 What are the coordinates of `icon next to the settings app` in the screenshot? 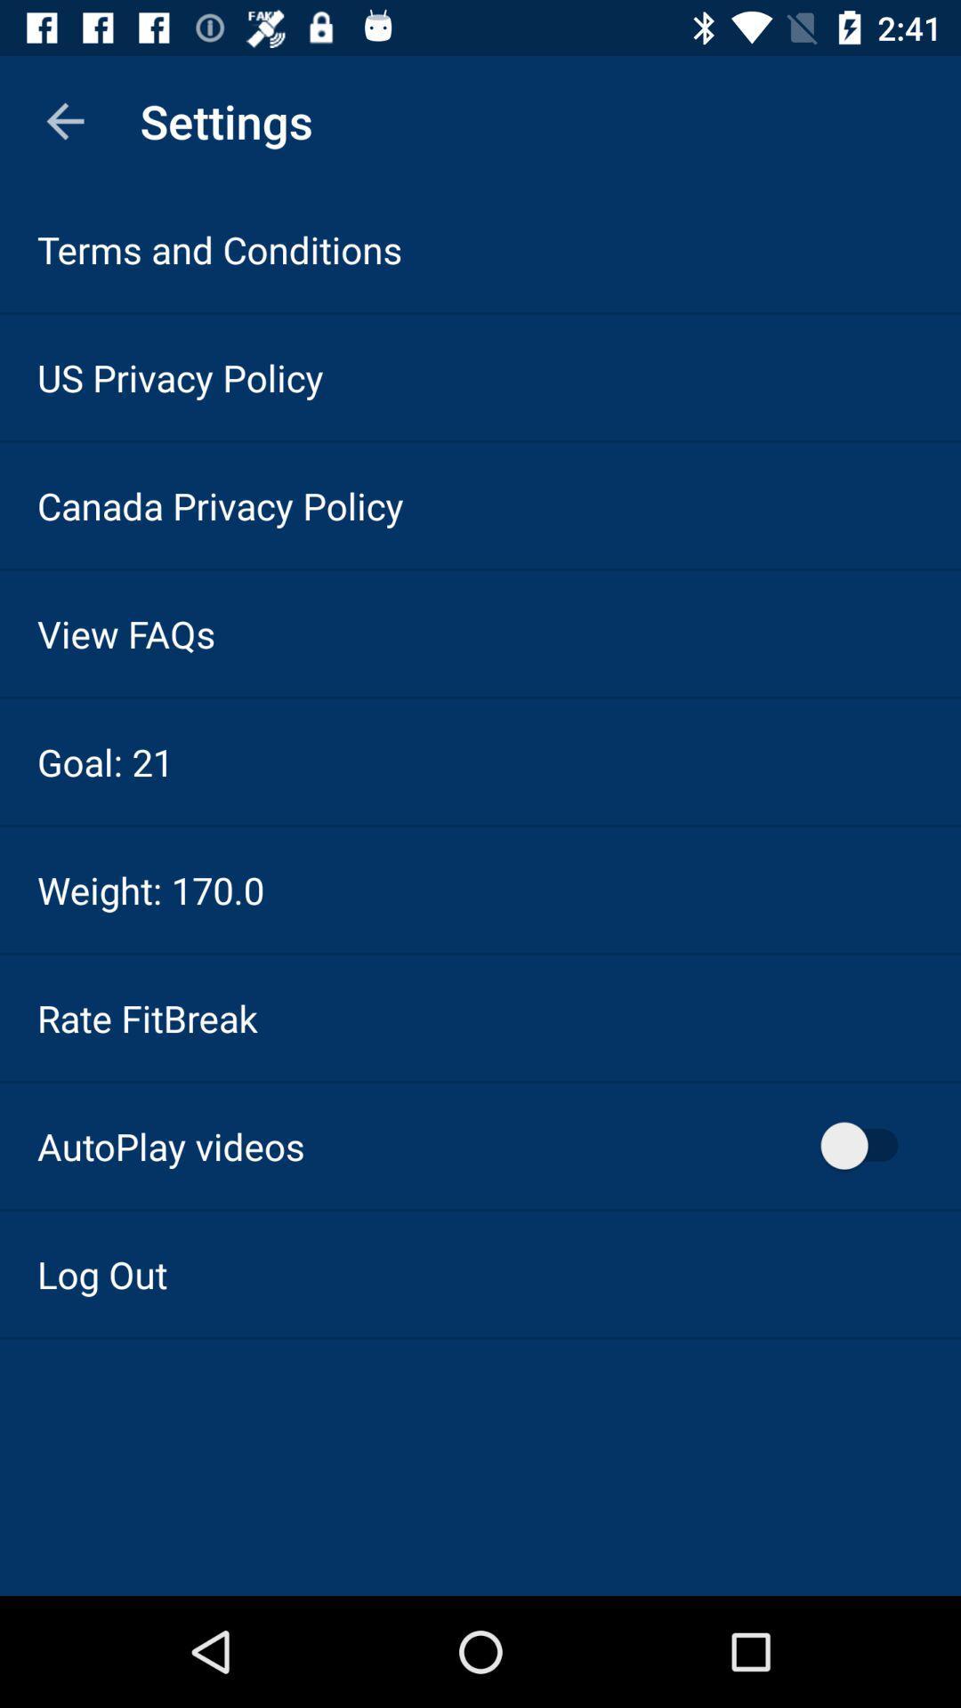 It's located at (64, 120).